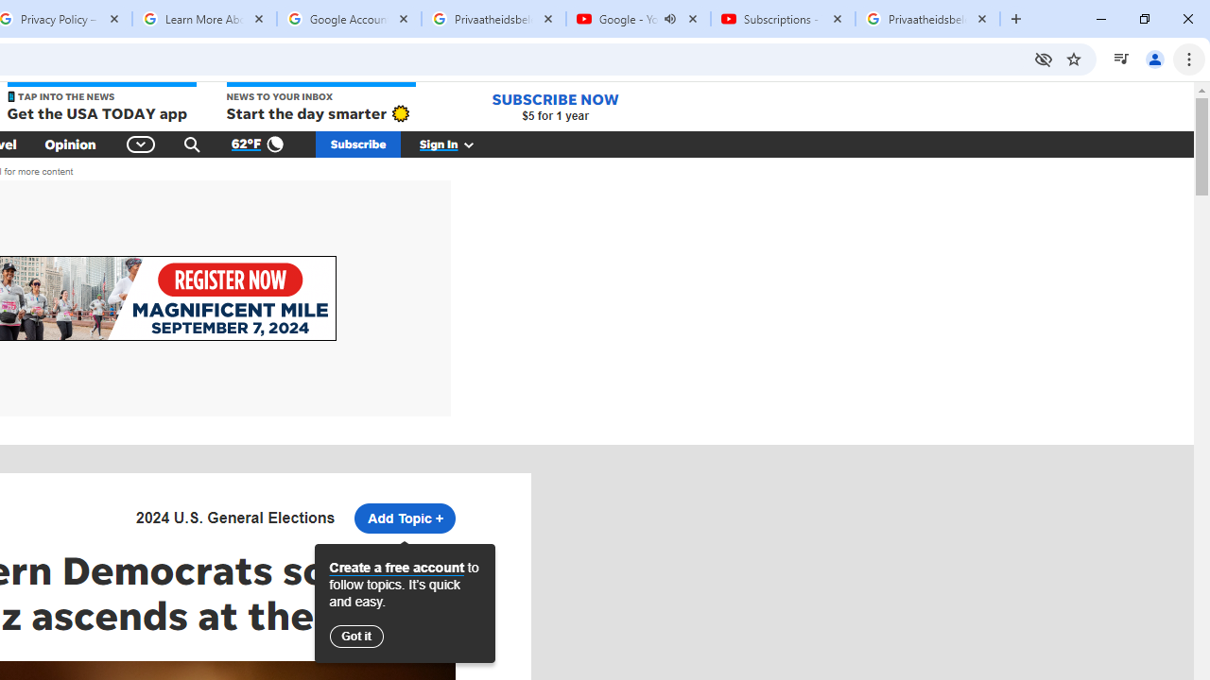 This screenshot has height=680, width=1210. I want to click on 'Mute tab', so click(670, 19).